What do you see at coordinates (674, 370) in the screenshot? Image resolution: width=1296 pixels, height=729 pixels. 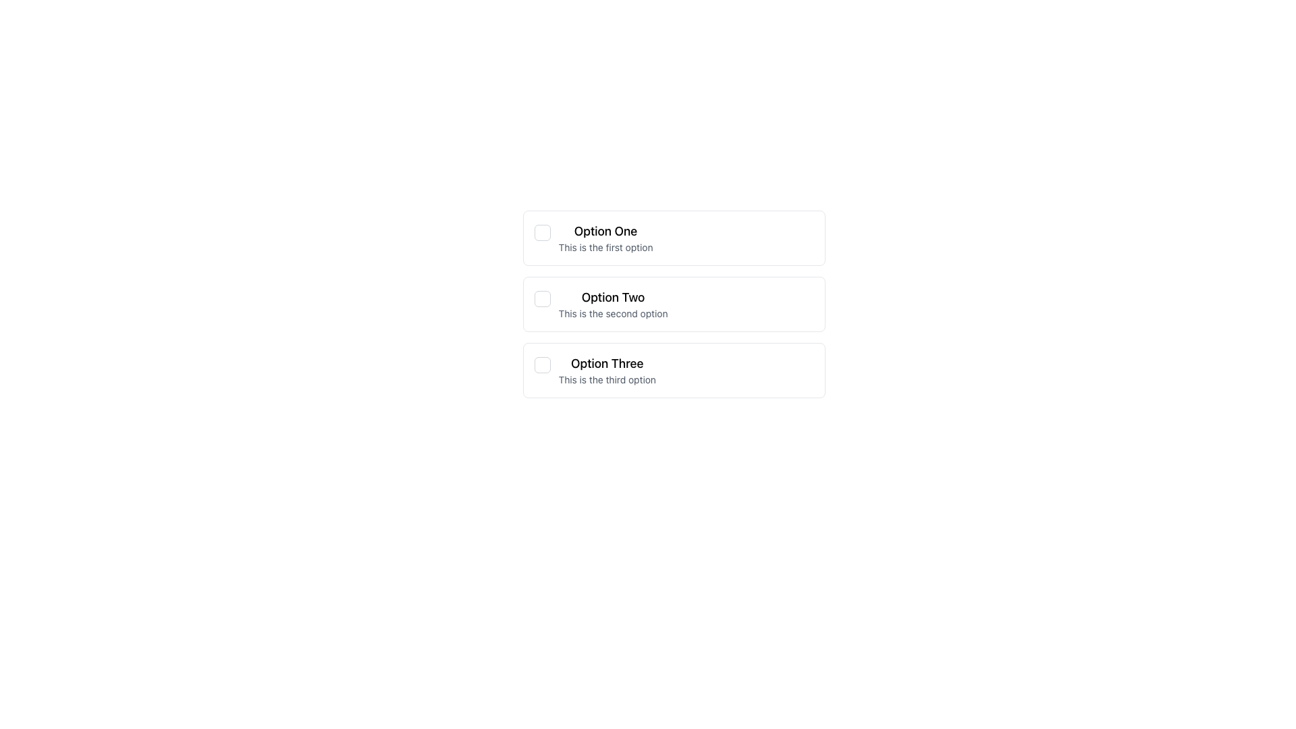 I see `the third option in the vertically stacked list of options, which serves as a List option card` at bounding box center [674, 370].